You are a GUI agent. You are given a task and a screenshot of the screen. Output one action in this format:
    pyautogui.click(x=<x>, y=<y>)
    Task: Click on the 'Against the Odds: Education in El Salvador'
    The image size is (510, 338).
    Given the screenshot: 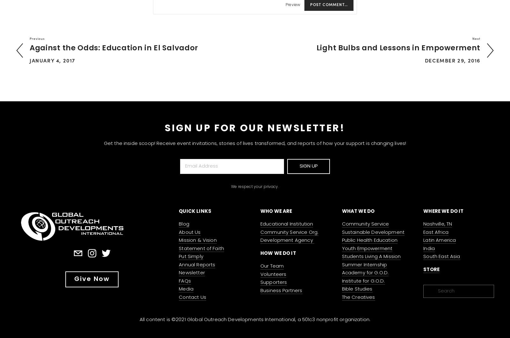 What is the action you would take?
    pyautogui.click(x=113, y=48)
    